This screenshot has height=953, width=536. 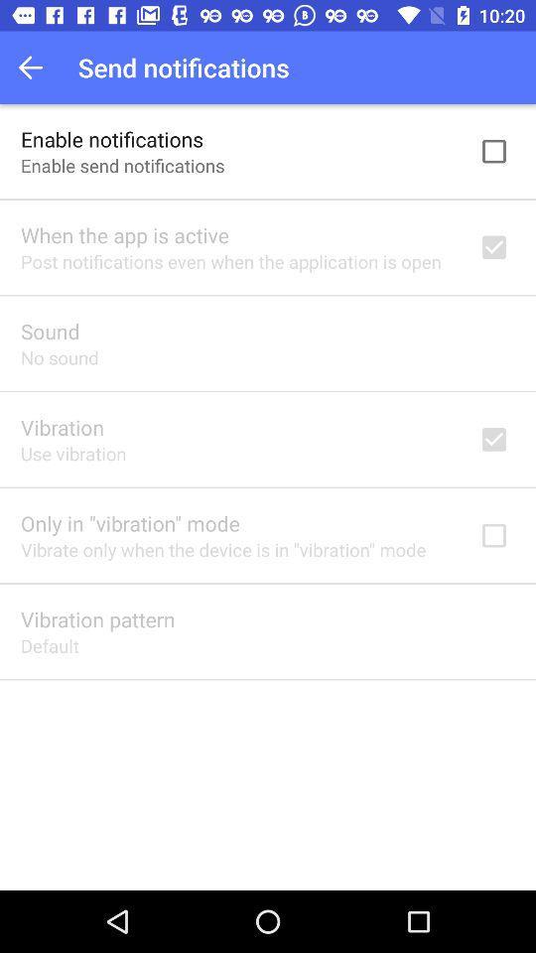 What do you see at coordinates (50, 644) in the screenshot?
I see `default item` at bounding box center [50, 644].